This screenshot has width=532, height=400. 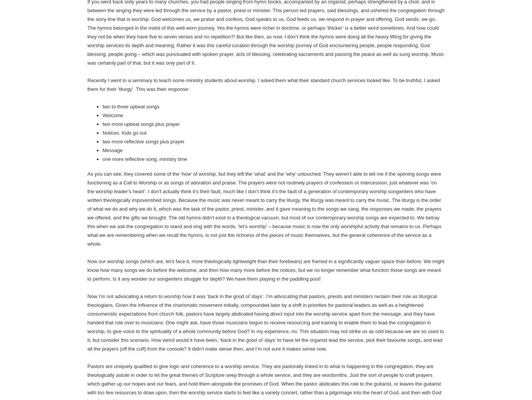 I want to click on 'only', so click(x=170, y=62).